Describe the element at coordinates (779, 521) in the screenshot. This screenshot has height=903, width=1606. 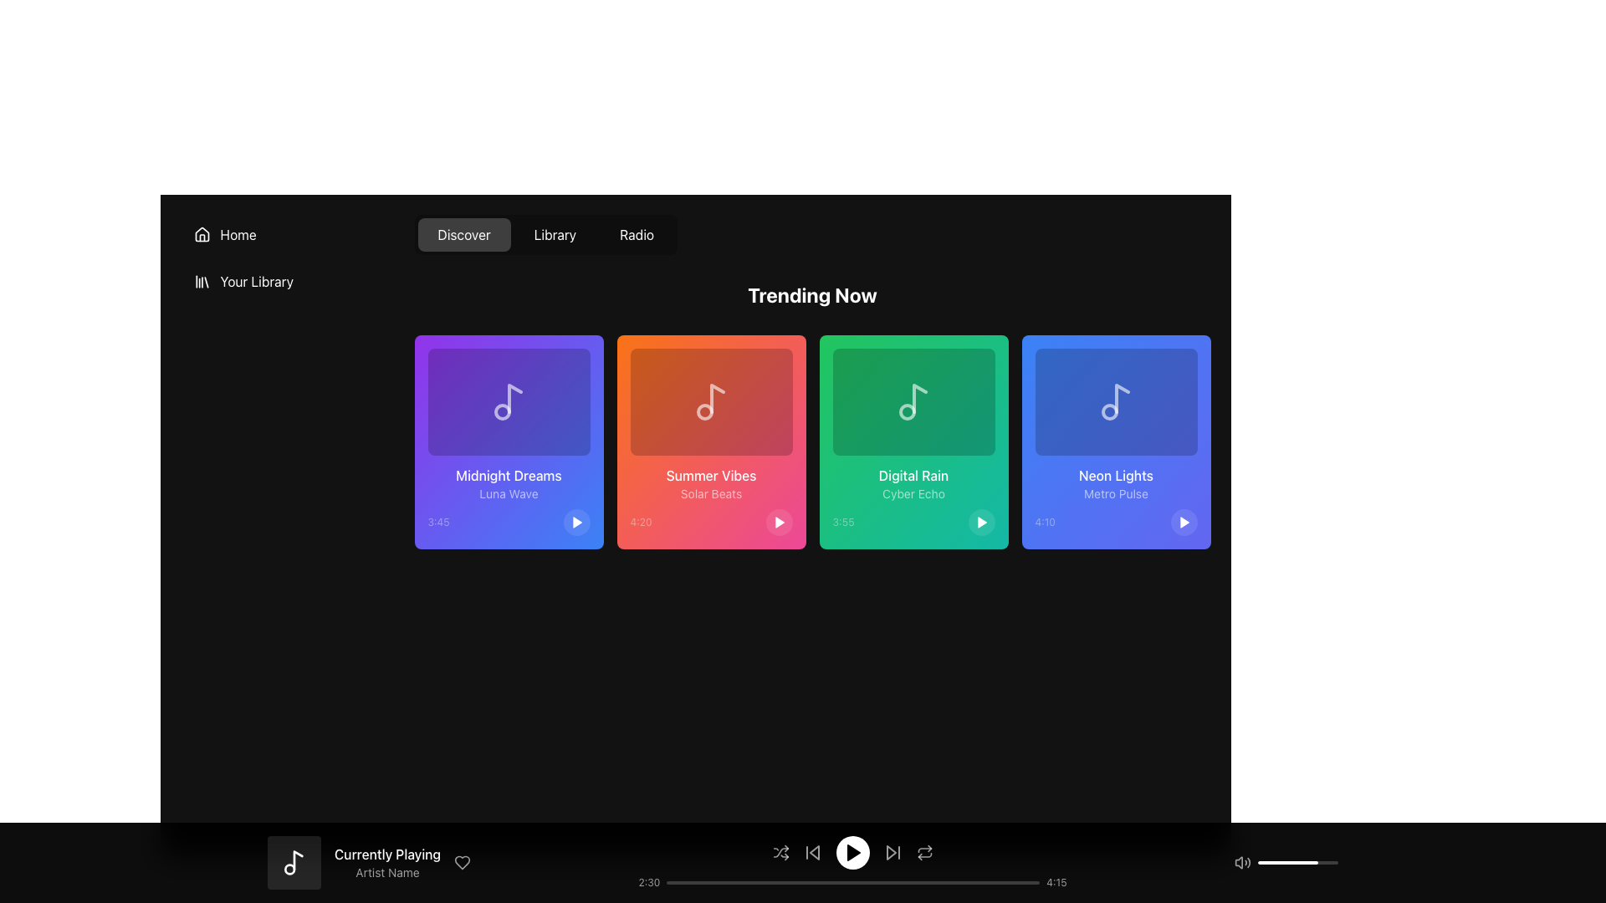
I see `the play icon button located in the lower-right corner of the 'Summer Vibes' card within the 'Trending Now' section` at that location.